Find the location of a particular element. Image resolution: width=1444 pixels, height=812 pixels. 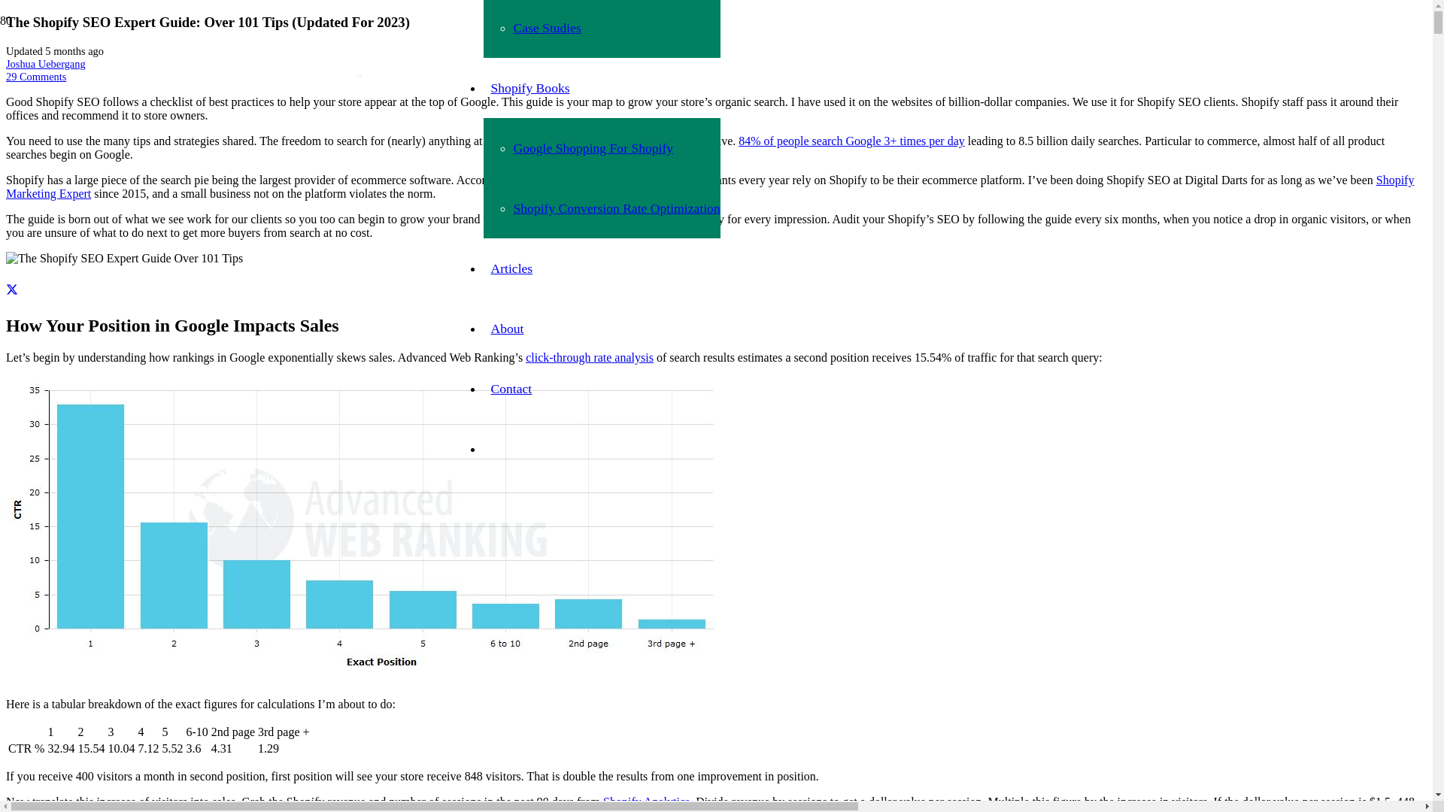

'About' is located at coordinates (506, 327).